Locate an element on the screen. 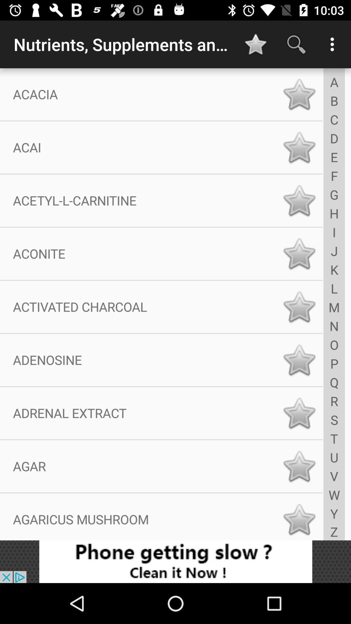 This screenshot has height=624, width=351. to favorites is located at coordinates (299, 359).